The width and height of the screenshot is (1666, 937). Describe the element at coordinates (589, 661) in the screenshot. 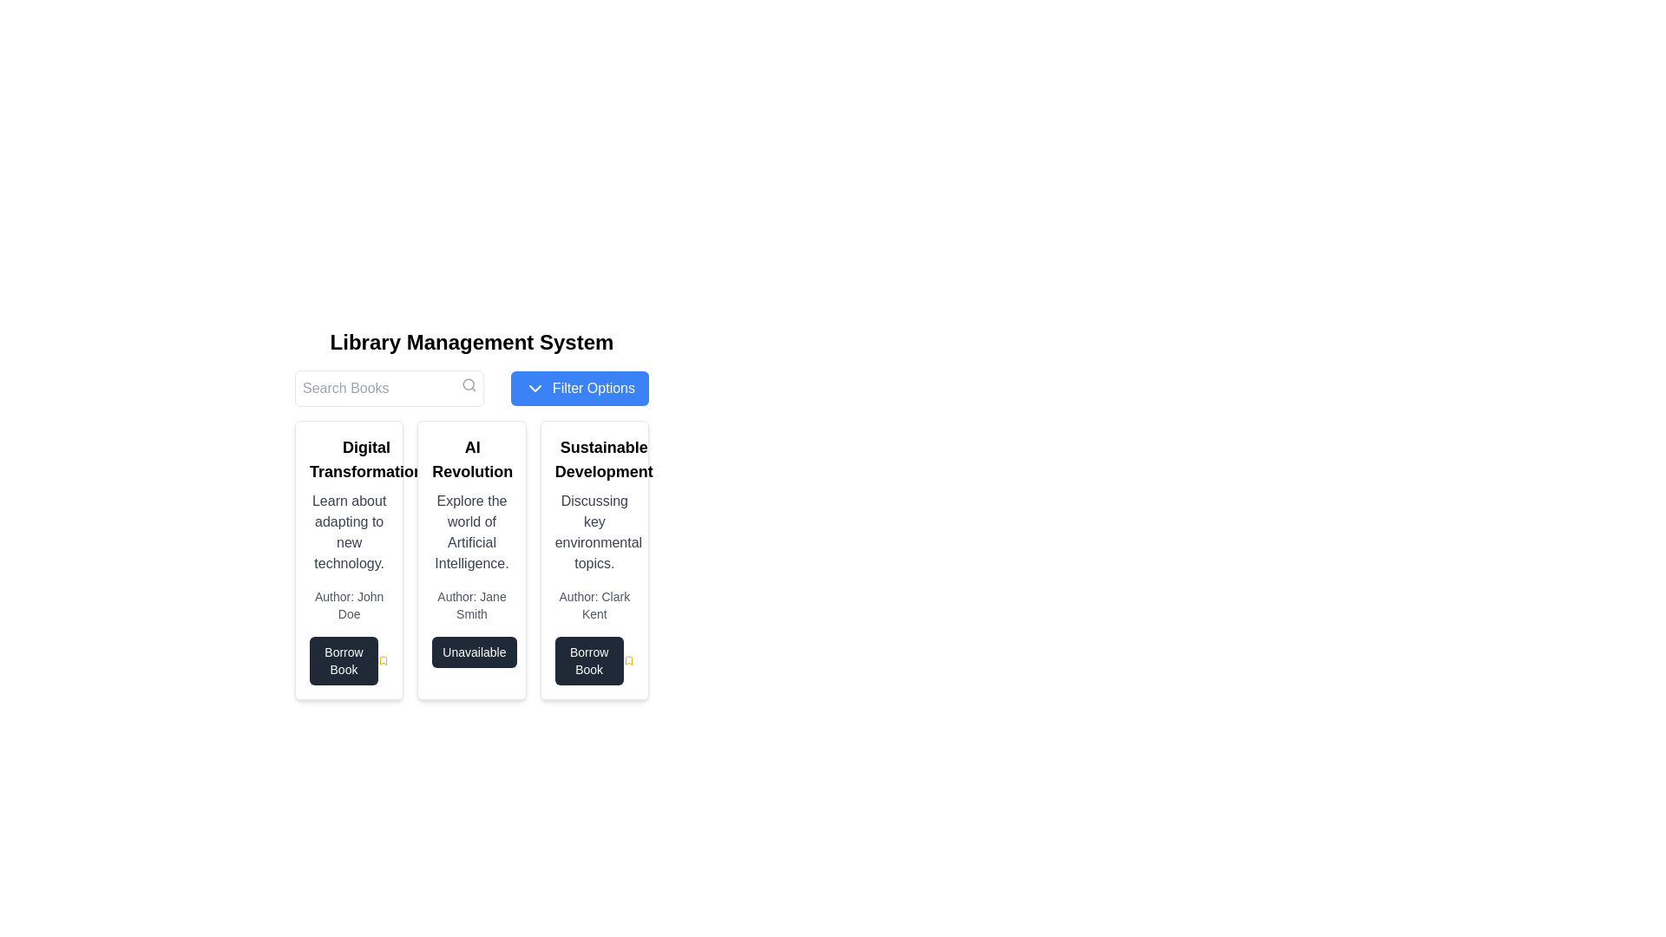

I see `the 'Borrow Book' button with a dark gray background and white text to activate its hover styling` at that location.